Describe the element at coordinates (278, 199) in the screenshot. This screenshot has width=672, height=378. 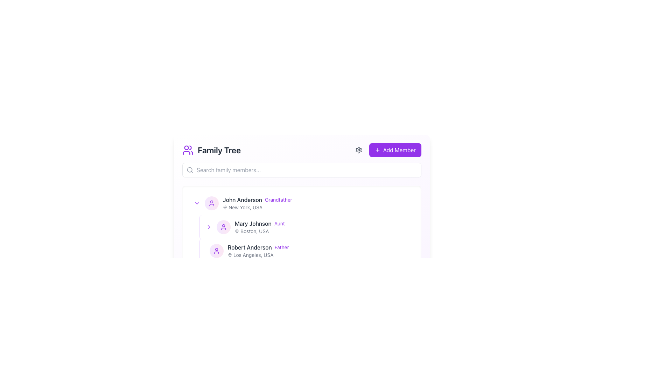
I see `the 'Grandfather' text label, which is a small purple font next to 'John Anderson'` at that location.